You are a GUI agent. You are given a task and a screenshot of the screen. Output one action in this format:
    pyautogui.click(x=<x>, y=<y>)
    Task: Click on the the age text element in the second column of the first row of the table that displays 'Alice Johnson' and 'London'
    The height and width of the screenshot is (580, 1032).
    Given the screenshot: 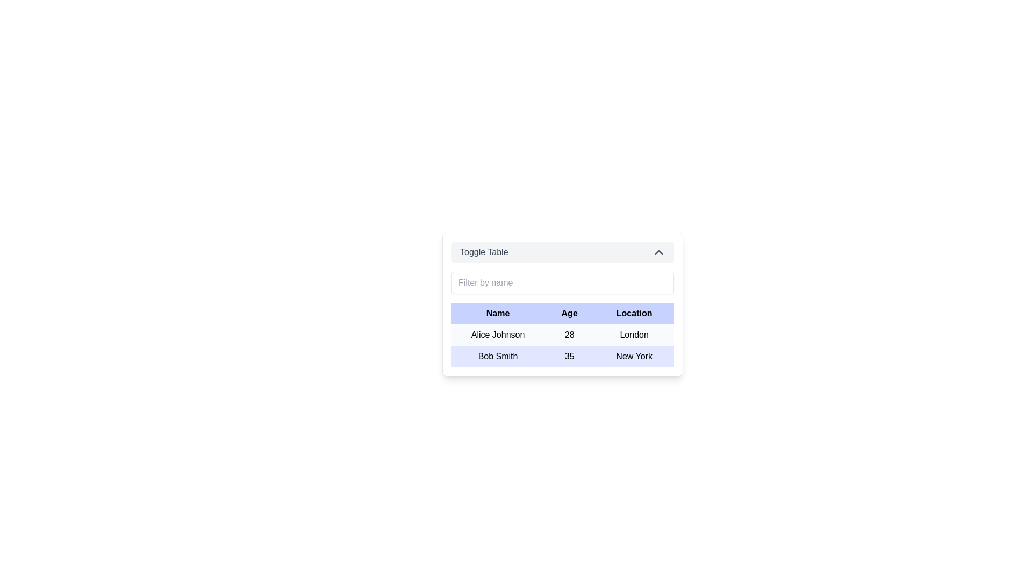 What is the action you would take?
    pyautogui.click(x=569, y=335)
    